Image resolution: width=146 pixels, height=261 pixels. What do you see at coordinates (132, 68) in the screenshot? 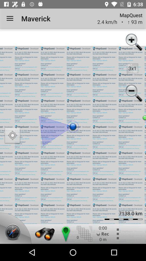
I see `the 2x1 icon` at bounding box center [132, 68].